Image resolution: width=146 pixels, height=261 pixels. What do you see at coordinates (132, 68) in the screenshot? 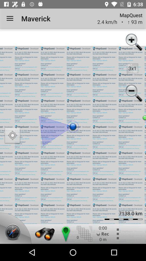
I see `the 2x1 icon` at bounding box center [132, 68].